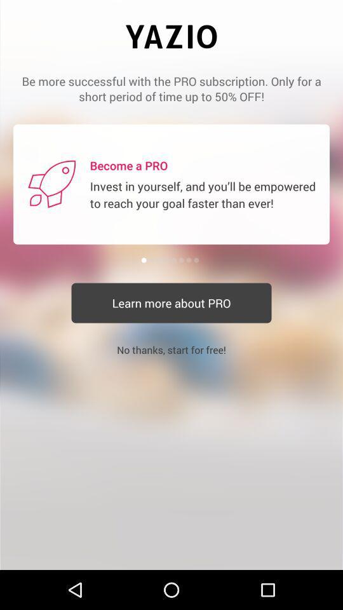 This screenshot has height=610, width=343. I want to click on learn more about icon, so click(171, 303).